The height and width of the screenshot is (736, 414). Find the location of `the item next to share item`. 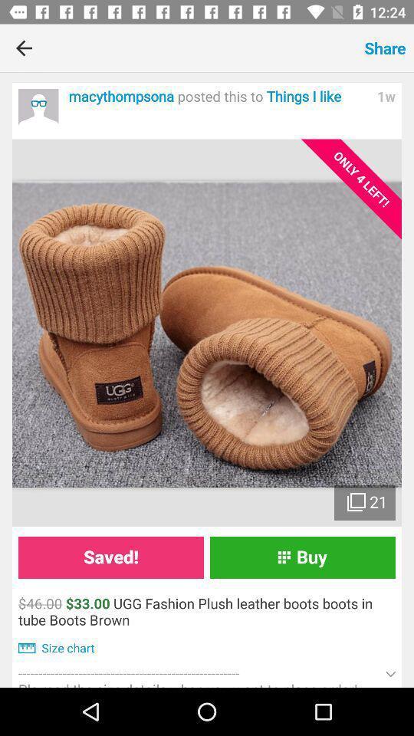

the item next to share item is located at coordinates (202, 48).